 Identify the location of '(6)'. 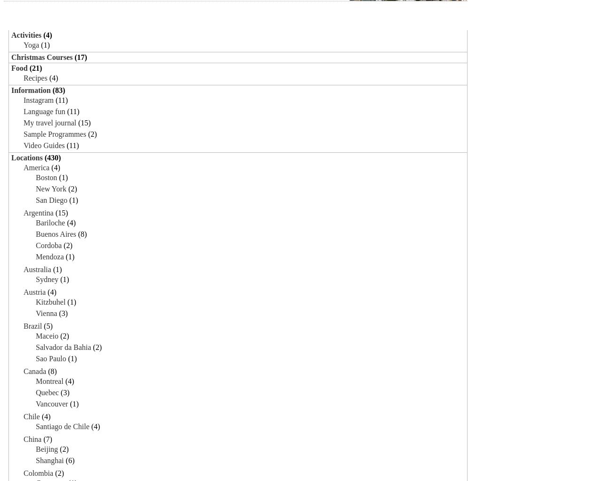
(63, 459).